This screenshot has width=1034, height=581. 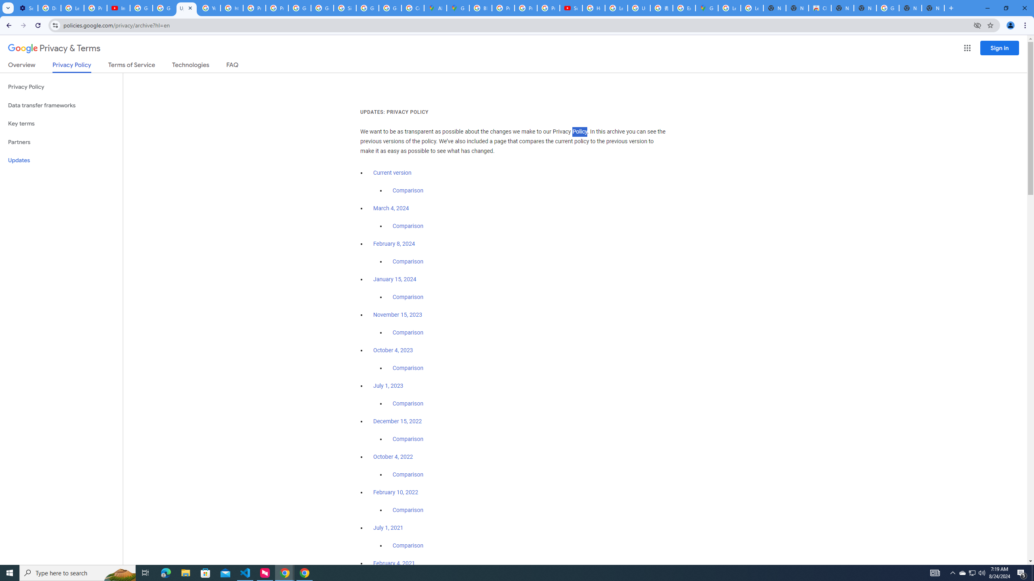 What do you see at coordinates (72, 8) in the screenshot?
I see `'Learn how to find your photos - Google Photos Help'` at bounding box center [72, 8].